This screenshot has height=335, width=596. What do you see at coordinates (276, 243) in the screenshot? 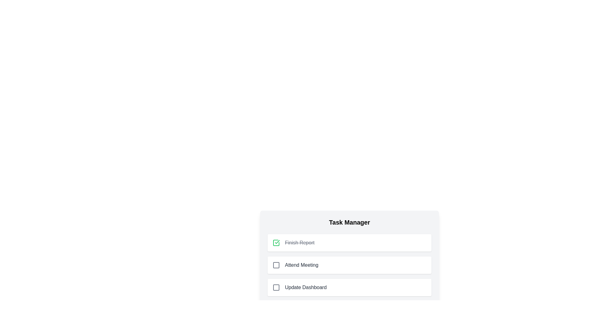
I see `the checkbox indicator with a green outline and a checkmark inside it` at bounding box center [276, 243].